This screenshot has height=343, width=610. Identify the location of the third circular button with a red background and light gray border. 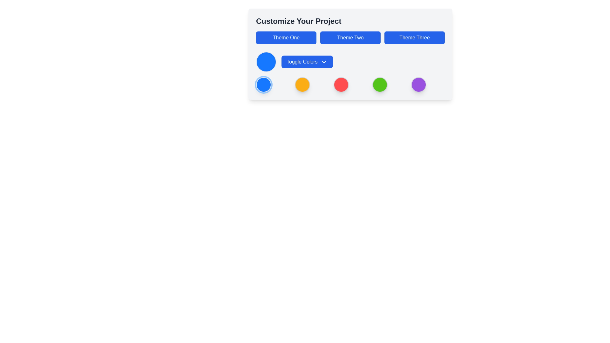
(341, 84).